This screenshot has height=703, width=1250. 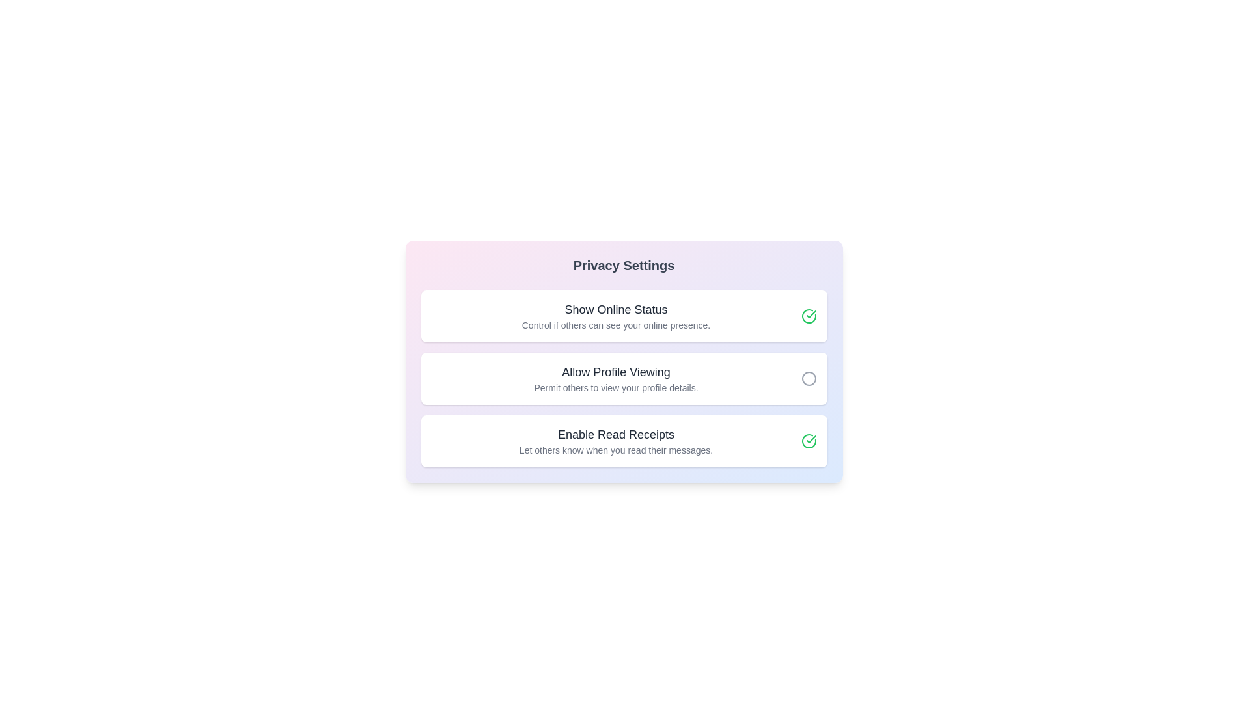 I want to click on the text of the label and description for the option Enable Read Receipts, so click(x=615, y=434).